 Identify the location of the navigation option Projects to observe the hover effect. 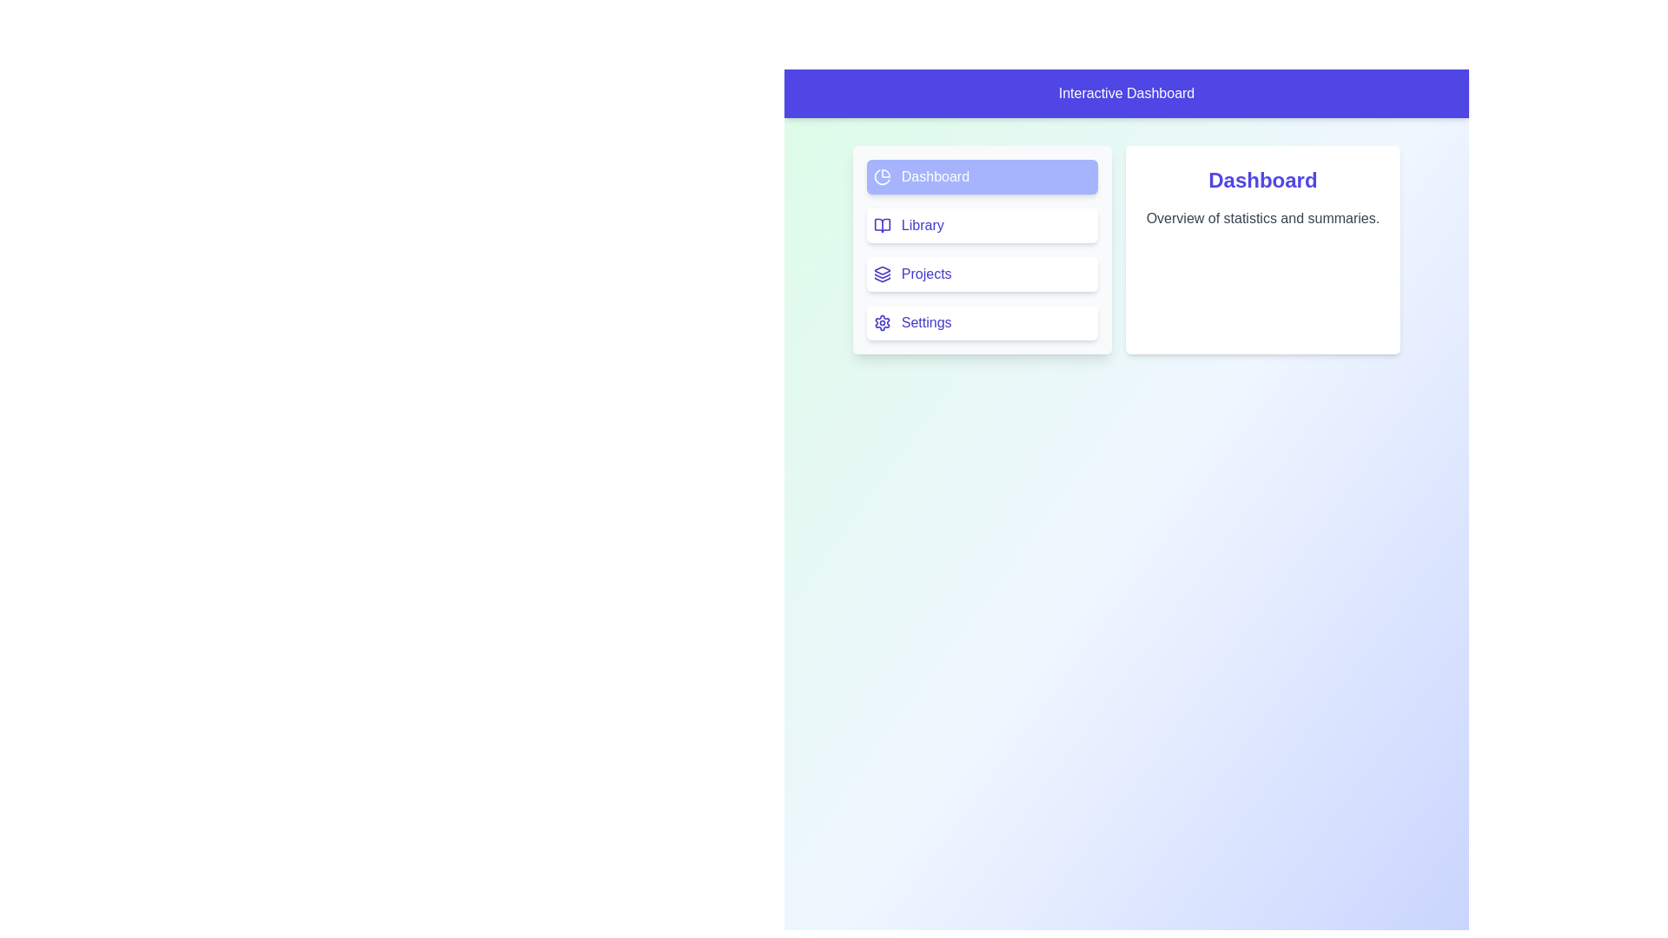
(981, 274).